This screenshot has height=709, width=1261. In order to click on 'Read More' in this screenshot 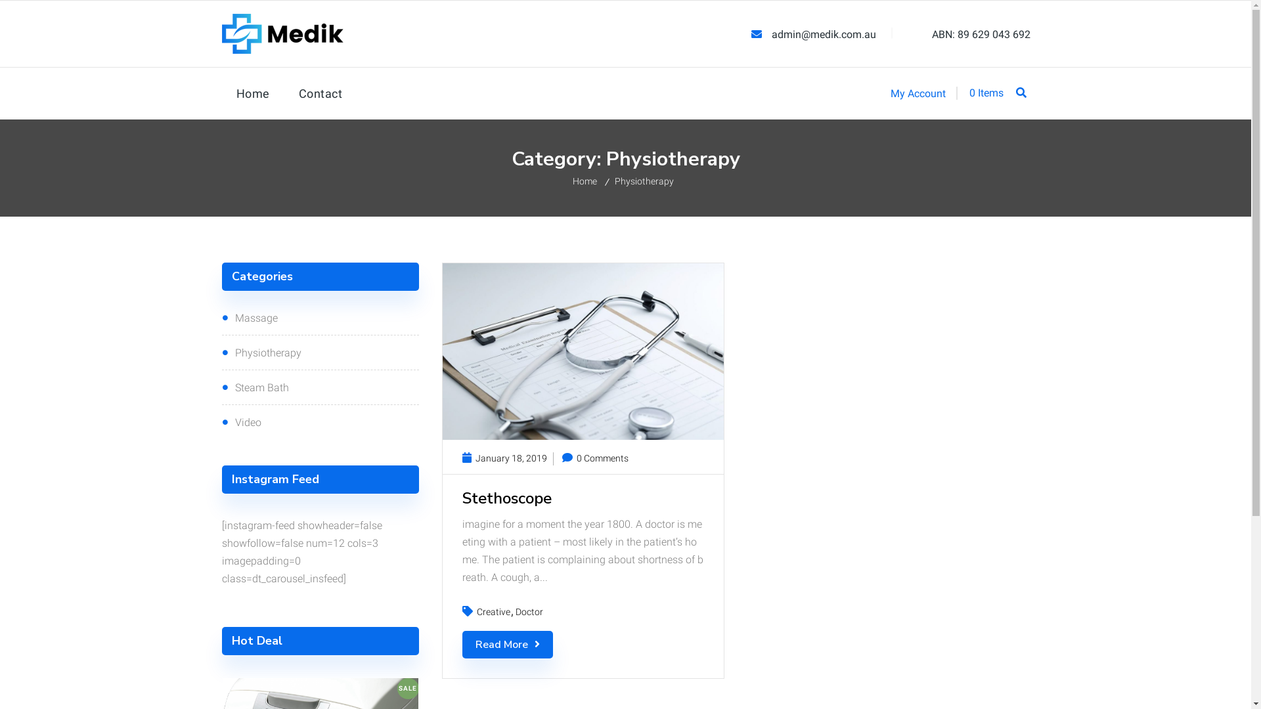, I will do `click(506, 644)`.